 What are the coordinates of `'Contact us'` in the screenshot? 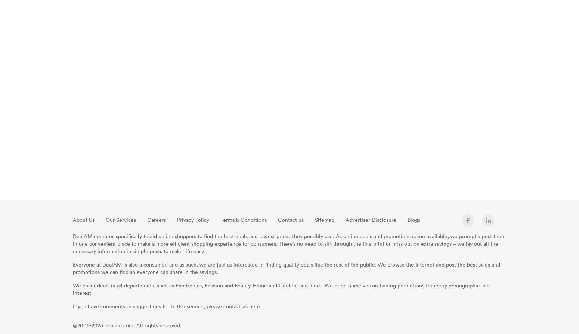 It's located at (290, 220).